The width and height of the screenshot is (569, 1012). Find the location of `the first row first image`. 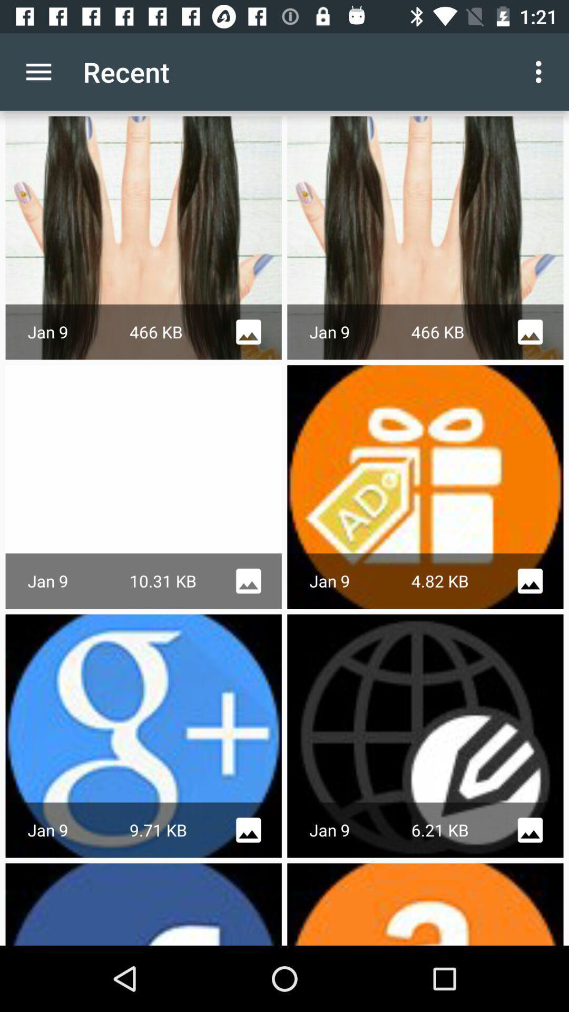

the first row first image is located at coordinates (144, 210).